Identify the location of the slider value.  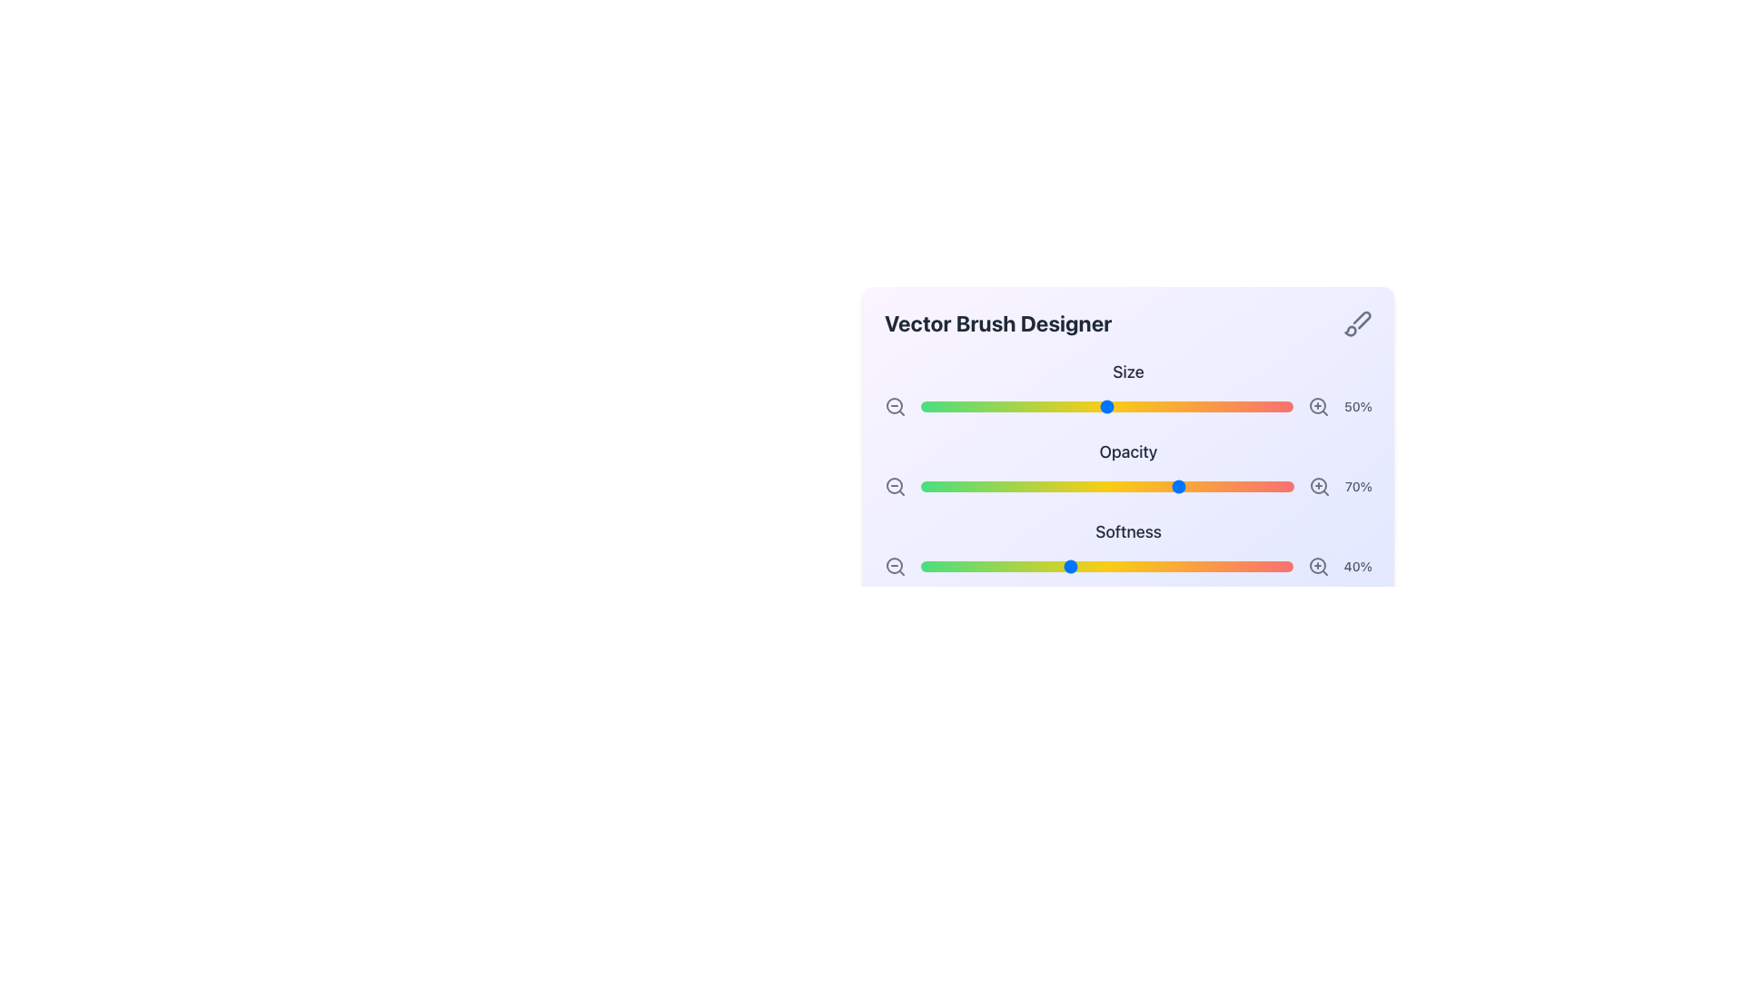
(925, 405).